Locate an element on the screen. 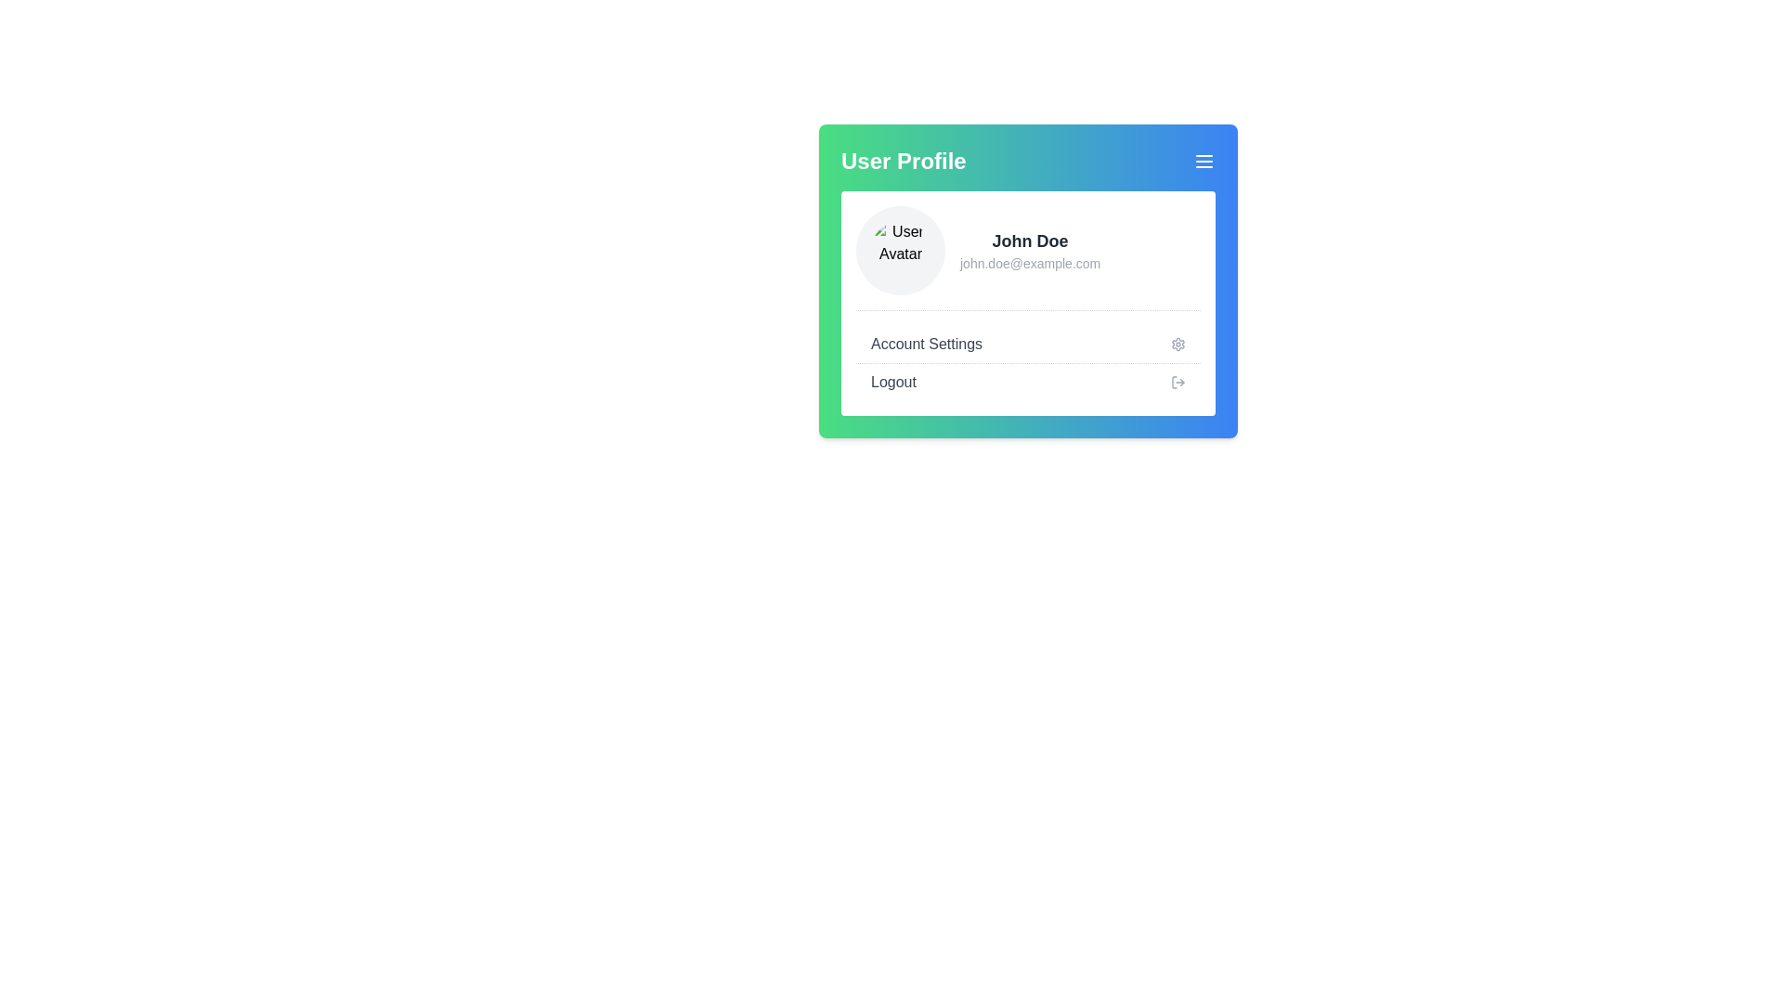 The width and height of the screenshot is (1783, 1003). the 'Account Settings' menu item in the user profile dropdown is located at coordinates (1027, 344).